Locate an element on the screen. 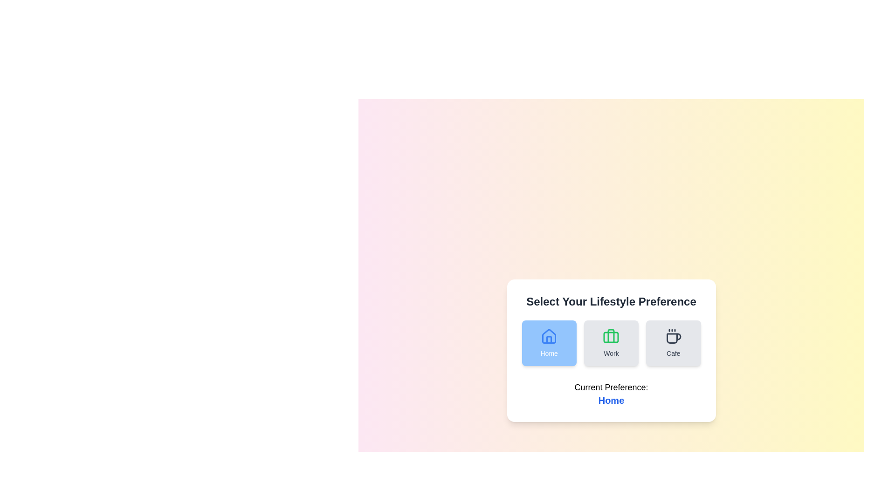 Image resolution: width=895 pixels, height=503 pixels. the 'Cafe' text label located in the third column beneath the coffee cup icon is located at coordinates (673, 353).